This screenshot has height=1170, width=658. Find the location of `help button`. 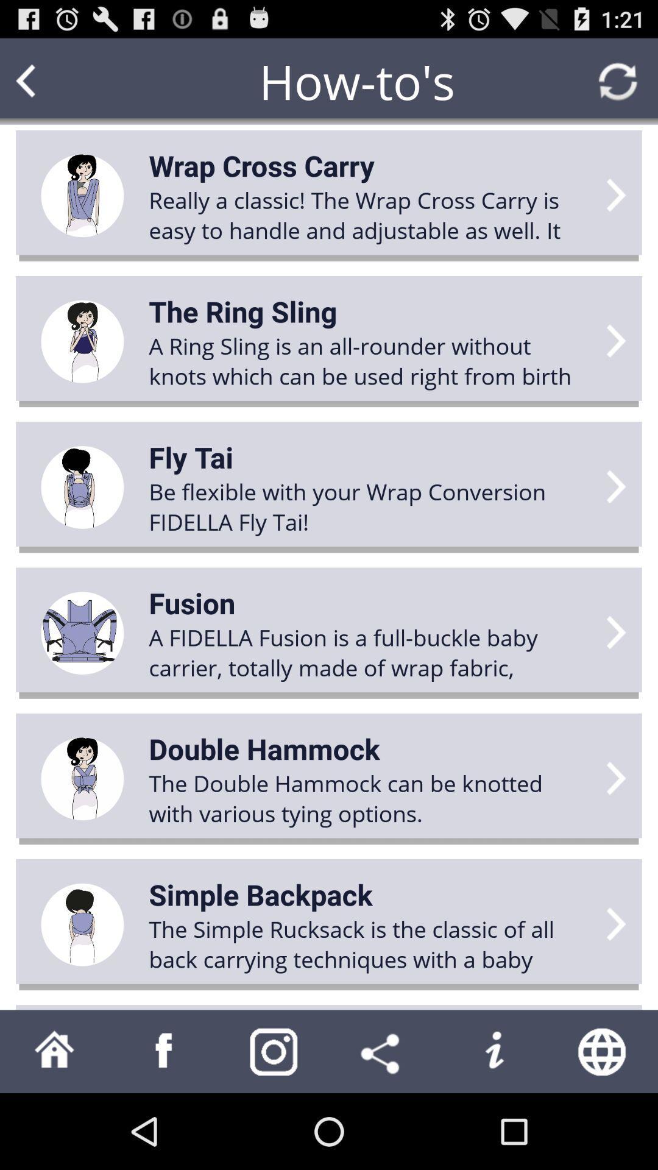

help button is located at coordinates (493, 1051).